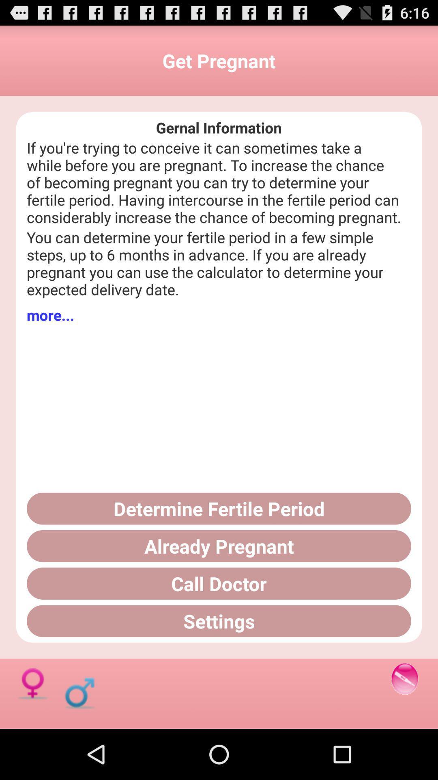  Describe the element at coordinates (219, 583) in the screenshot. I see `button above settings item` at that location.